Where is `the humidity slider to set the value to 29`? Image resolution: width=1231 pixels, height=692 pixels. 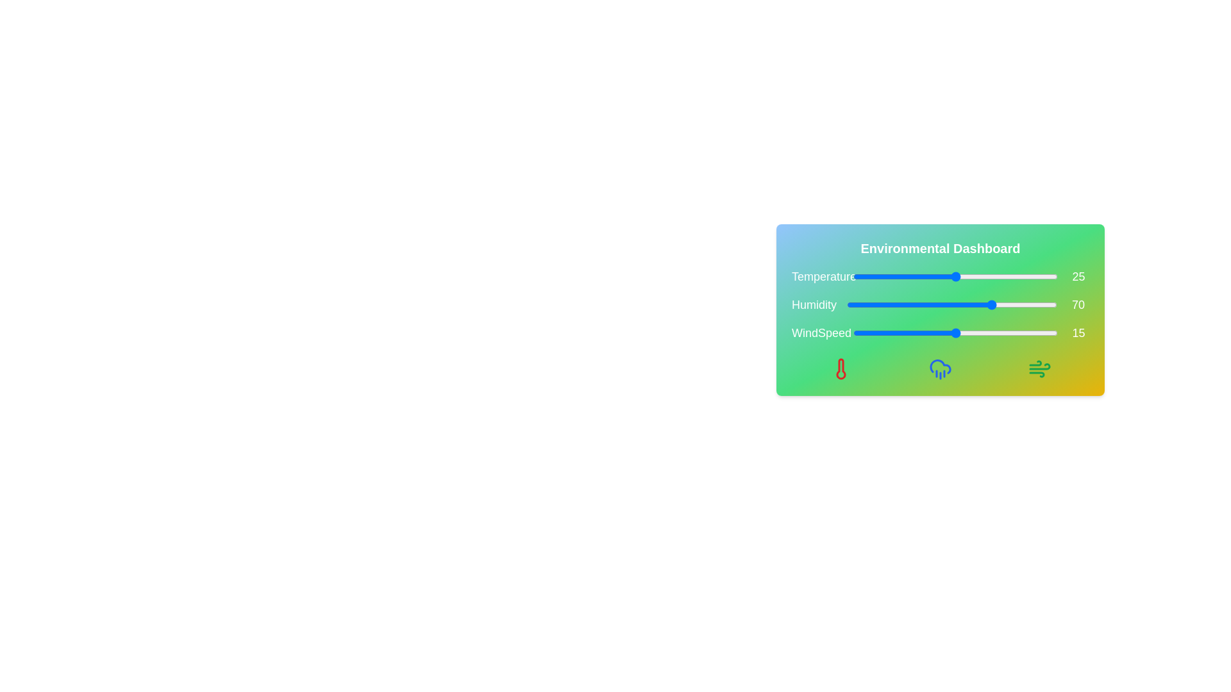
the humidity slider to set the value to 29 is located at coordinates (907, 304).